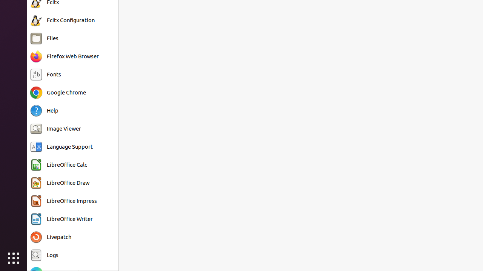 Image resolution: width=483 pixels, height=271 pixels. Describe the element at coordinates (69, 147) in the screenshot. I see `'Language Support'` at that location.